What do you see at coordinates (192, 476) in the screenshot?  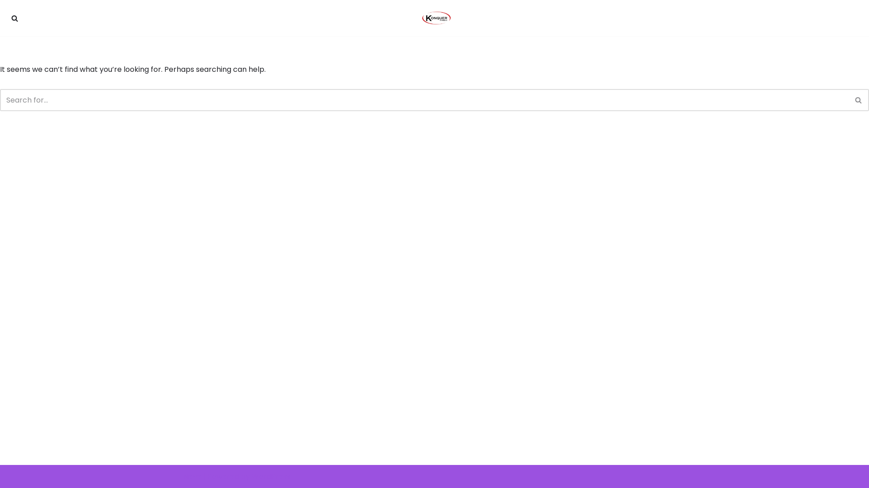 I see `'Neve'` at bounding box center [192, 476].